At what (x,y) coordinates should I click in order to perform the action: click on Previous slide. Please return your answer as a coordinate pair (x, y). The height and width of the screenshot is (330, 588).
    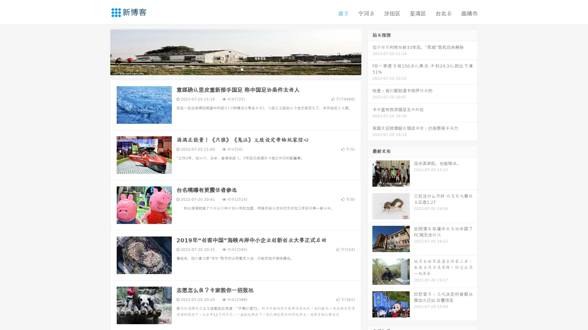
    Looking at the image, I should click on (101, 51).